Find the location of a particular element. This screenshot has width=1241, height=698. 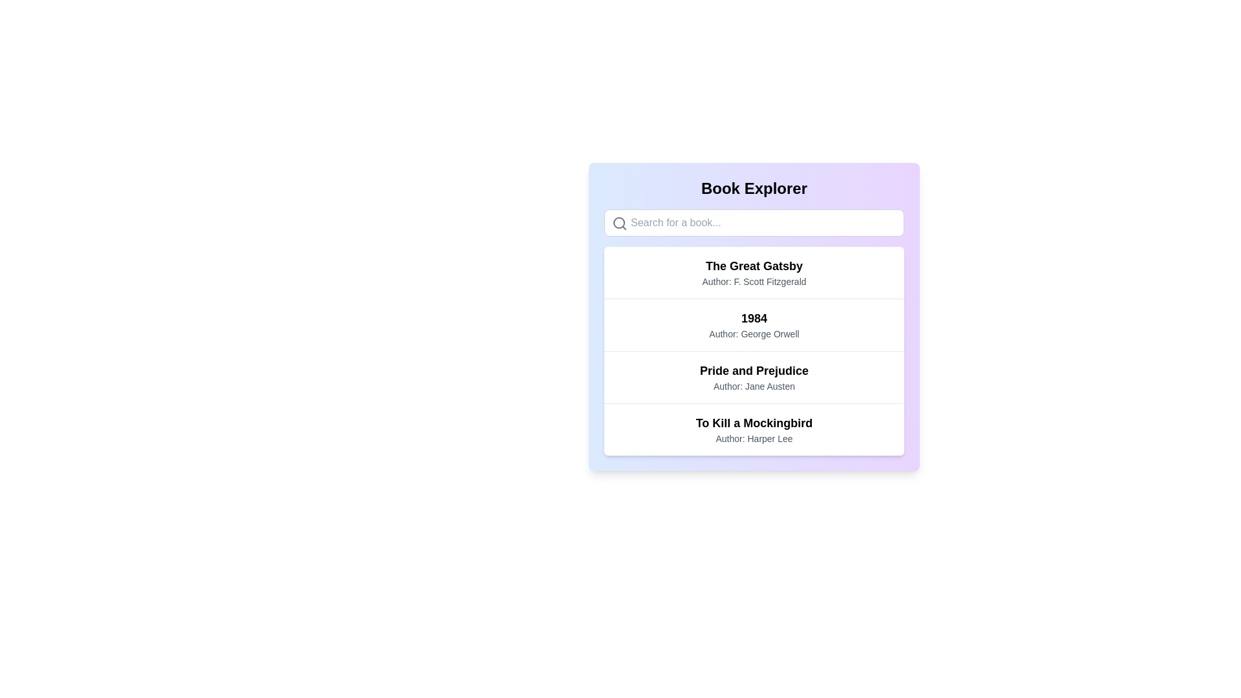

the text label displaying the author information for 'The Great Gatsby', located directly beneath the book title in the first item of the vertically listed book entries is located at coordinates (754, 280).